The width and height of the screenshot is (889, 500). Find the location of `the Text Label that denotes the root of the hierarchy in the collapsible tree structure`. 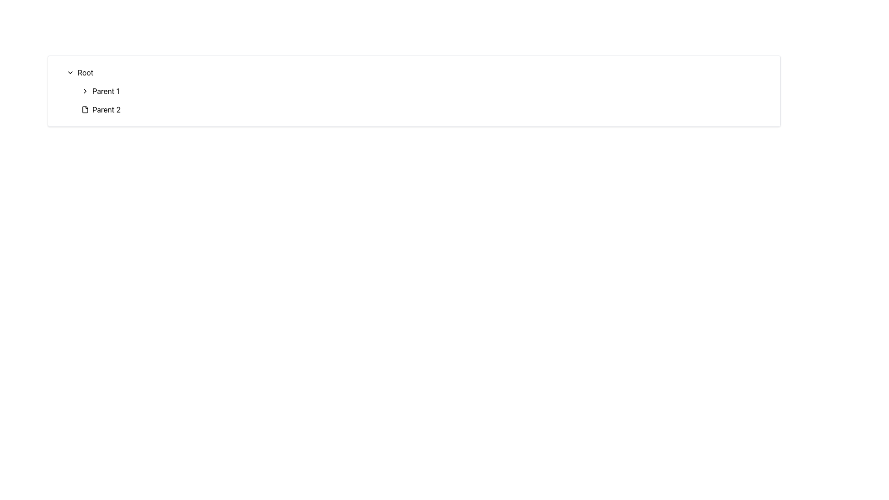

the Text Label that denotes the root of the hierarchy in the collapsible tree structure is located at coordinates (85, 72).